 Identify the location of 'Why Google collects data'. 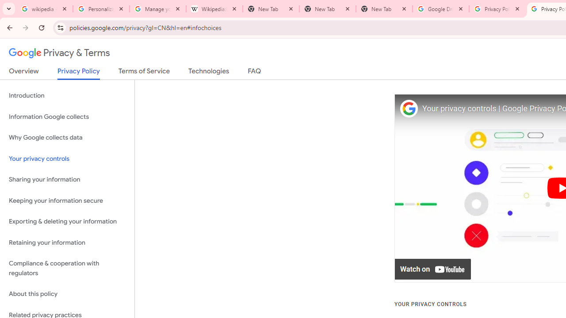
(67, 138).